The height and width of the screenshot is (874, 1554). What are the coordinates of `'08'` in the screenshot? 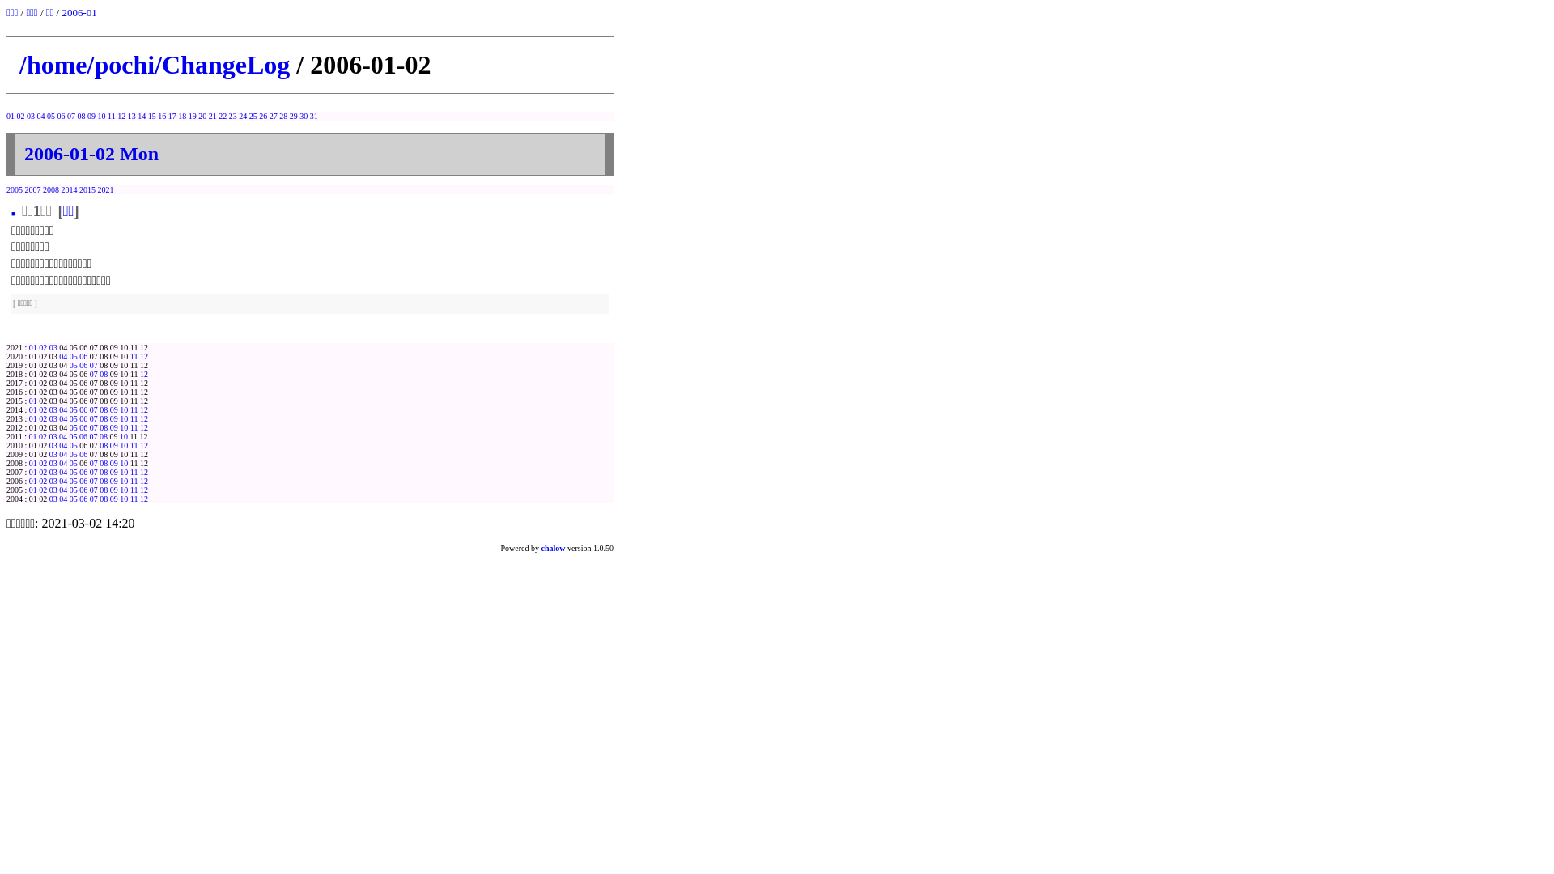 It's located at (103, 409).